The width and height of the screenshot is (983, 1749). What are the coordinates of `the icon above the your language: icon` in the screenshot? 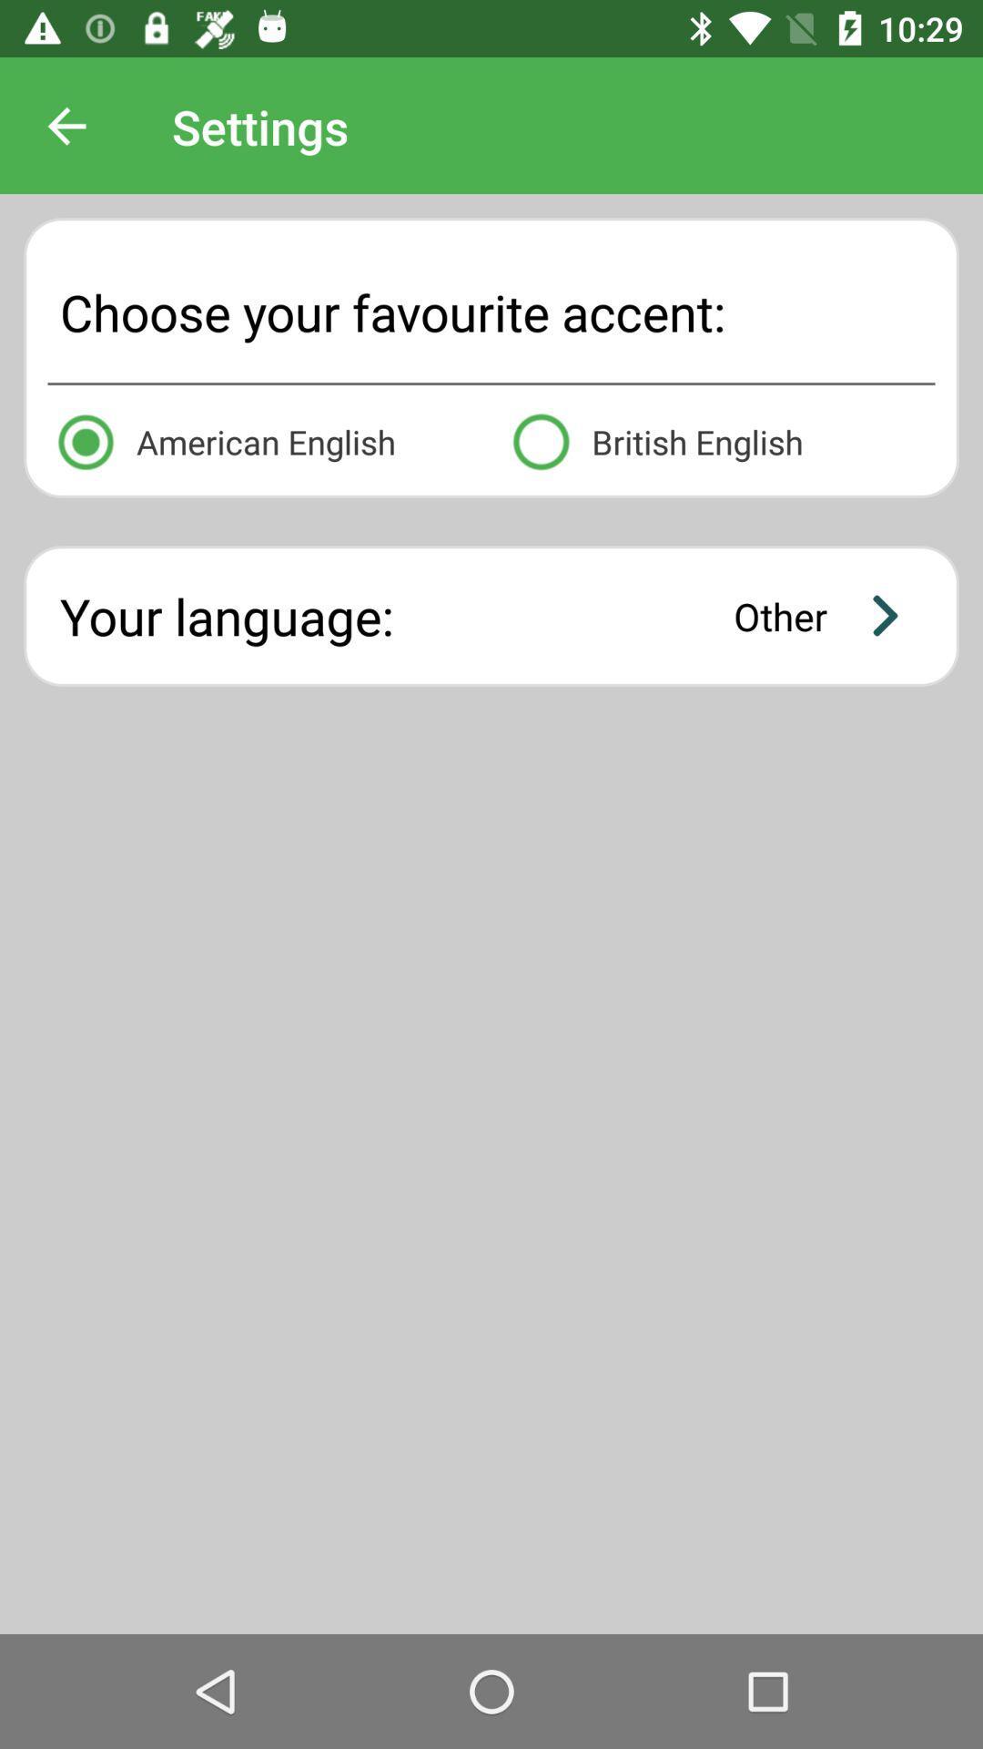 It's located at (263, 438).